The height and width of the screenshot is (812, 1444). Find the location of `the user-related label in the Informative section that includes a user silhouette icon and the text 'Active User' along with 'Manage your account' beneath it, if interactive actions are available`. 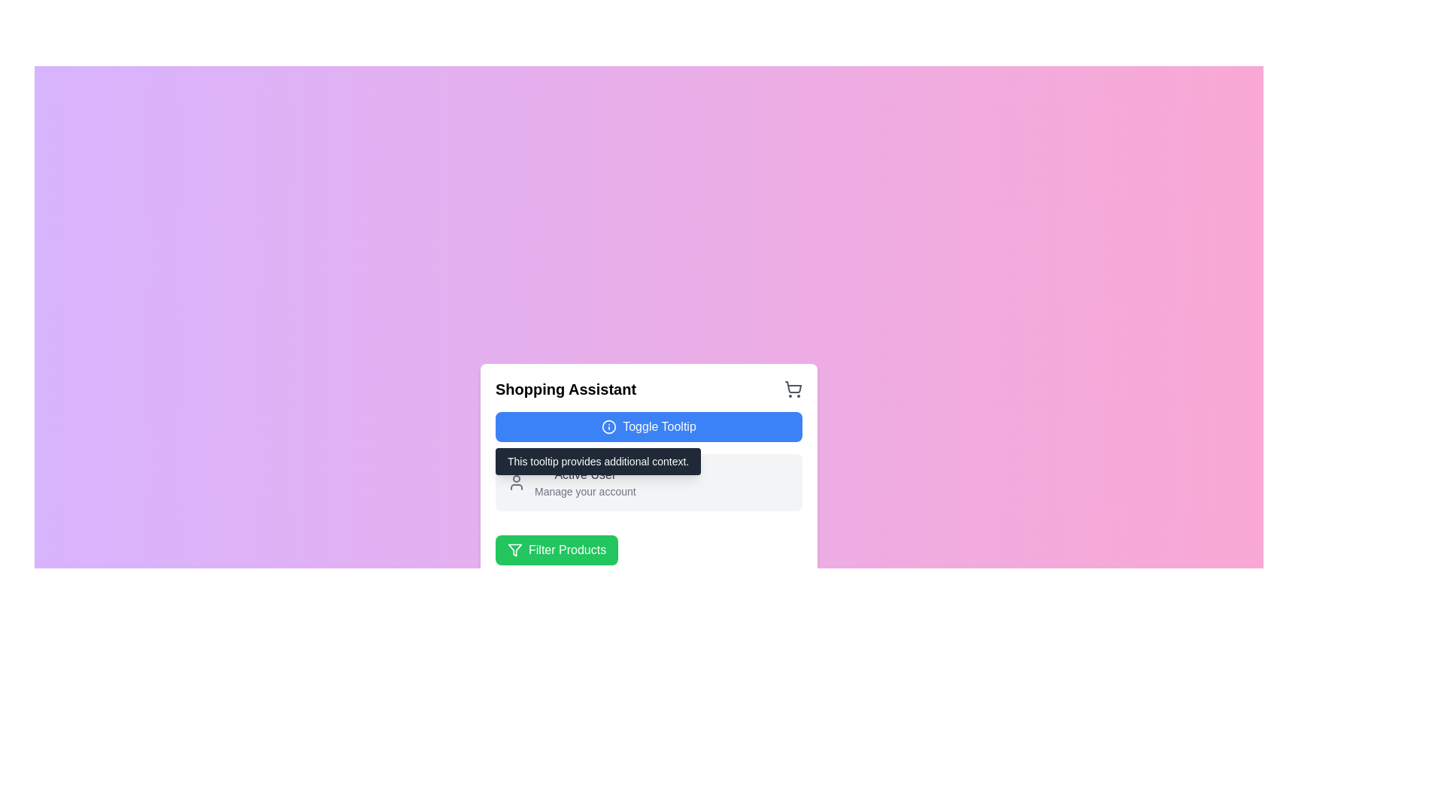

the user-related label in the Informative section that includes a user silhouette icon and the text 'Active User' along with 'Manage your account' beneath it, if interactive actions are available is located at coordinates (649, 482).